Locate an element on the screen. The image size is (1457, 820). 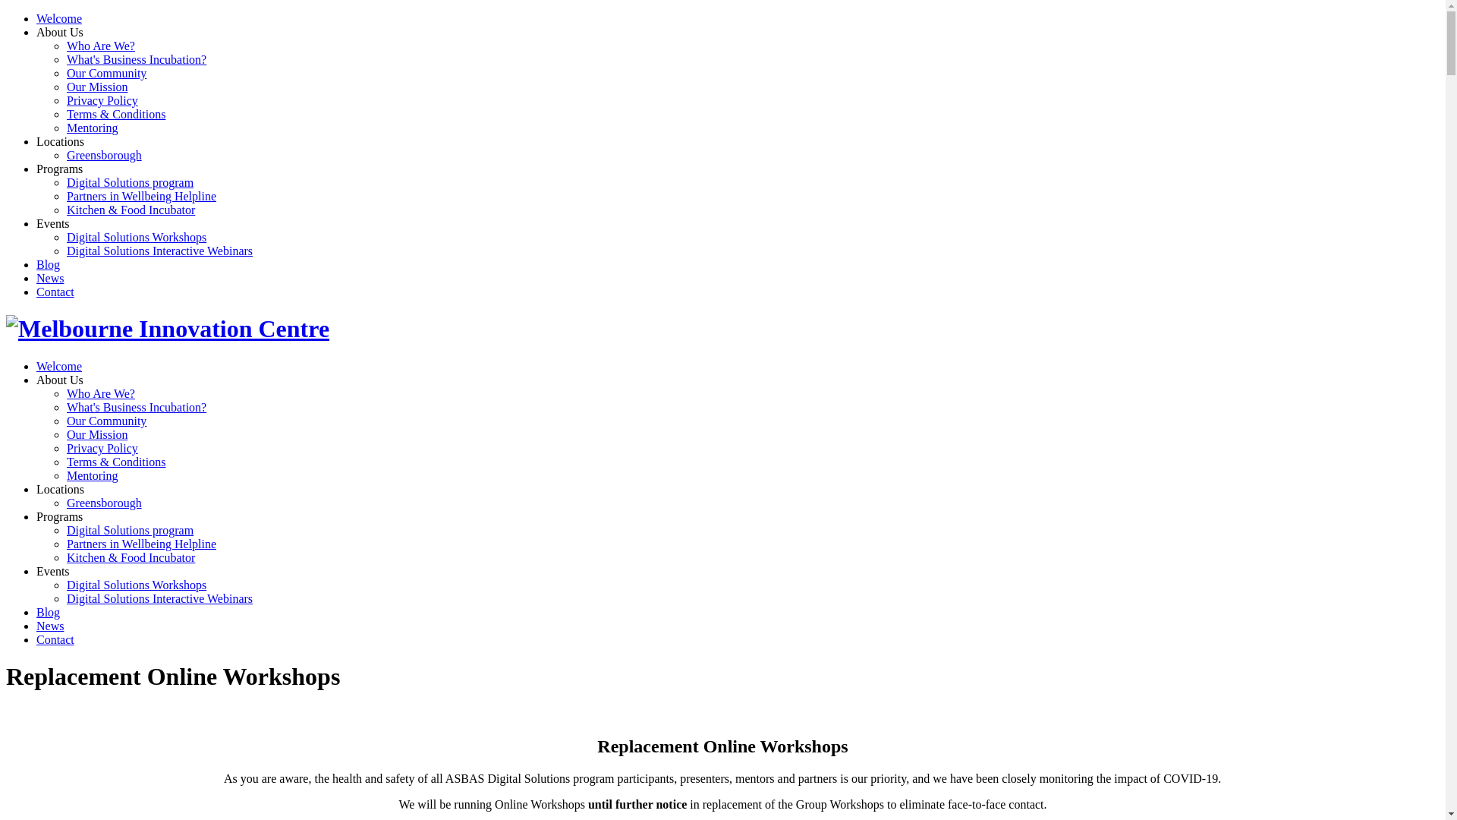
'About Us' is located at coordinates (59, 32).